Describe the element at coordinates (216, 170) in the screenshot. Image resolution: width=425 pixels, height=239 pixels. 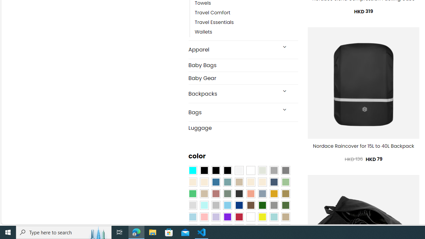
I see `'Black'` at that location.